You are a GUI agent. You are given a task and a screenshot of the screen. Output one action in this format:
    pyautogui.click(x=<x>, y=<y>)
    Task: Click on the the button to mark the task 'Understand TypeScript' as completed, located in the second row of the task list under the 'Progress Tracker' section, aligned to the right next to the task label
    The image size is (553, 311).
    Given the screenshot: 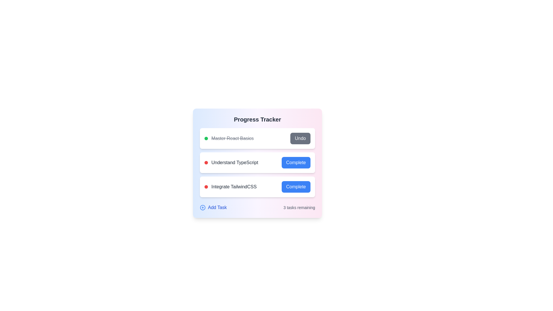 What is the action you would take?
    pyautogui.click(x=296, y=162)
    